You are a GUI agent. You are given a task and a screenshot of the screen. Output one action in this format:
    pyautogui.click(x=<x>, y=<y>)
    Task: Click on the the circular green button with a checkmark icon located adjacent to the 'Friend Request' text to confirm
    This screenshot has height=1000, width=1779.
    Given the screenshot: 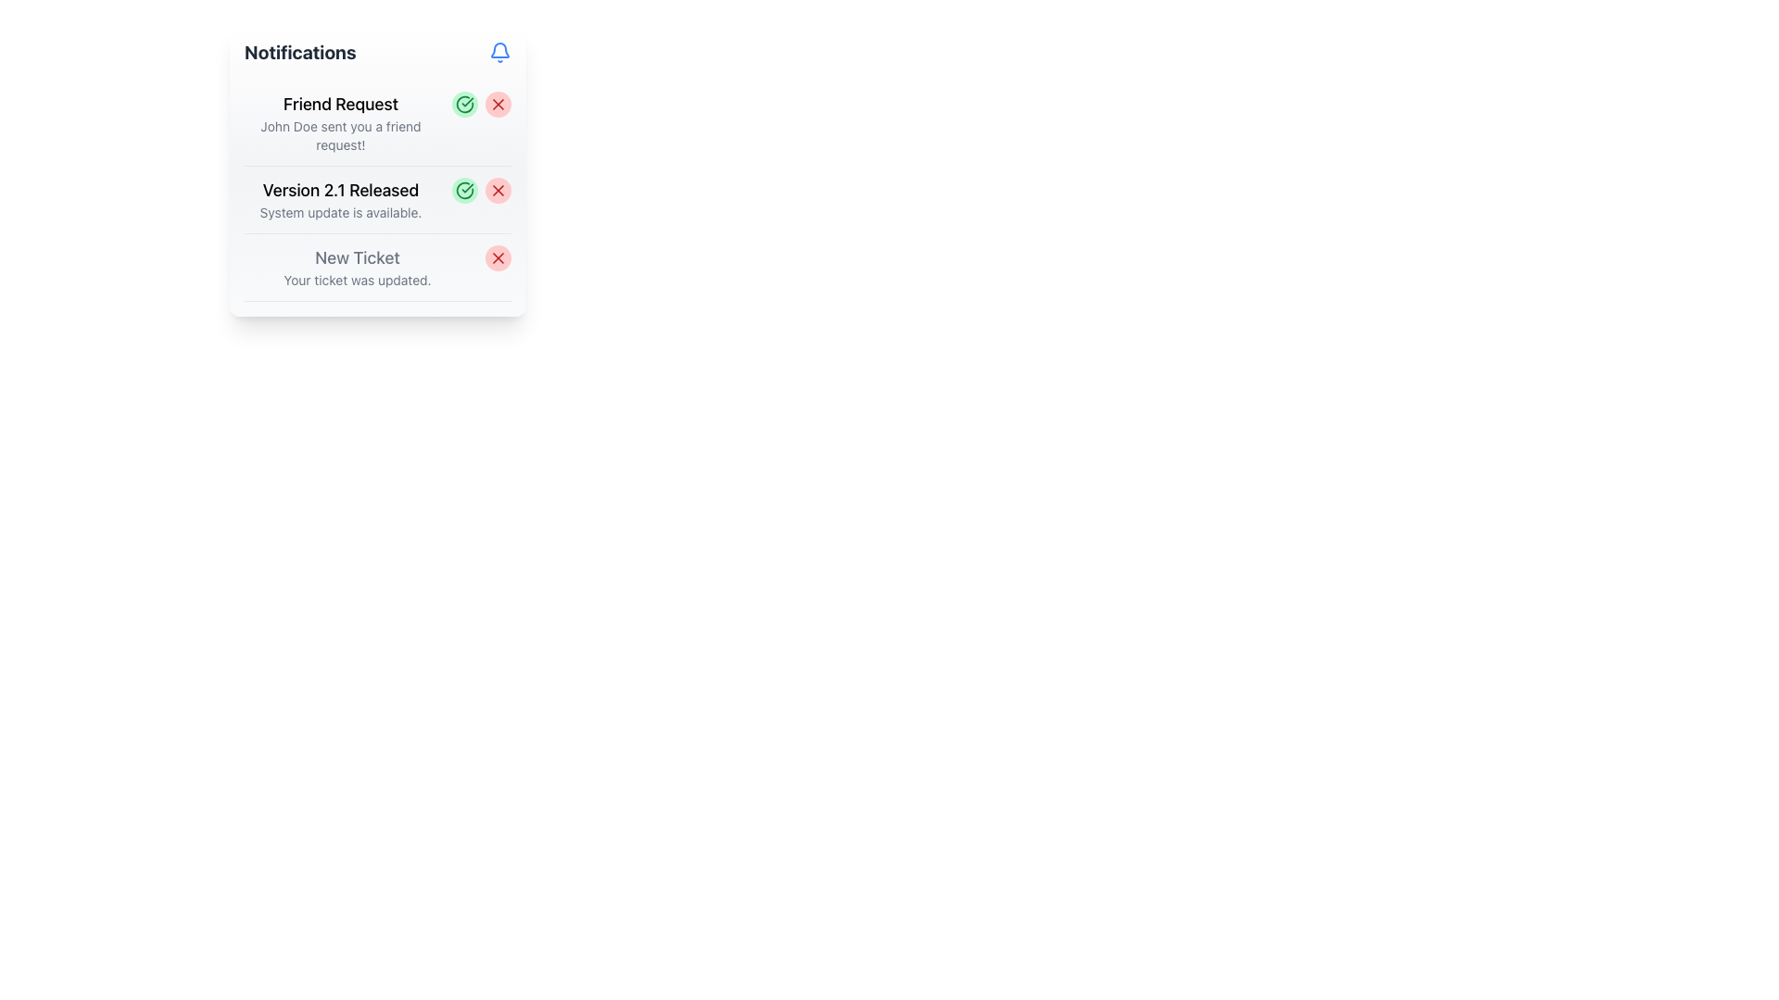 What is the action you would take?
    pyautogui.click(x=465, y=104)
    